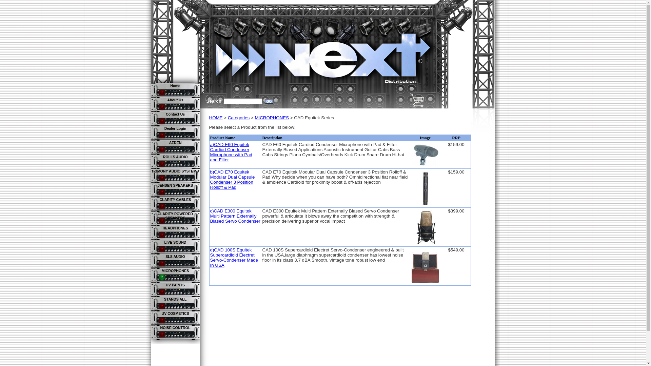 This screenshot has height=366, width=651. Describe the element at coordinates (166, 285) in the screenshot. I see `'UV PAINTS'` at that location.